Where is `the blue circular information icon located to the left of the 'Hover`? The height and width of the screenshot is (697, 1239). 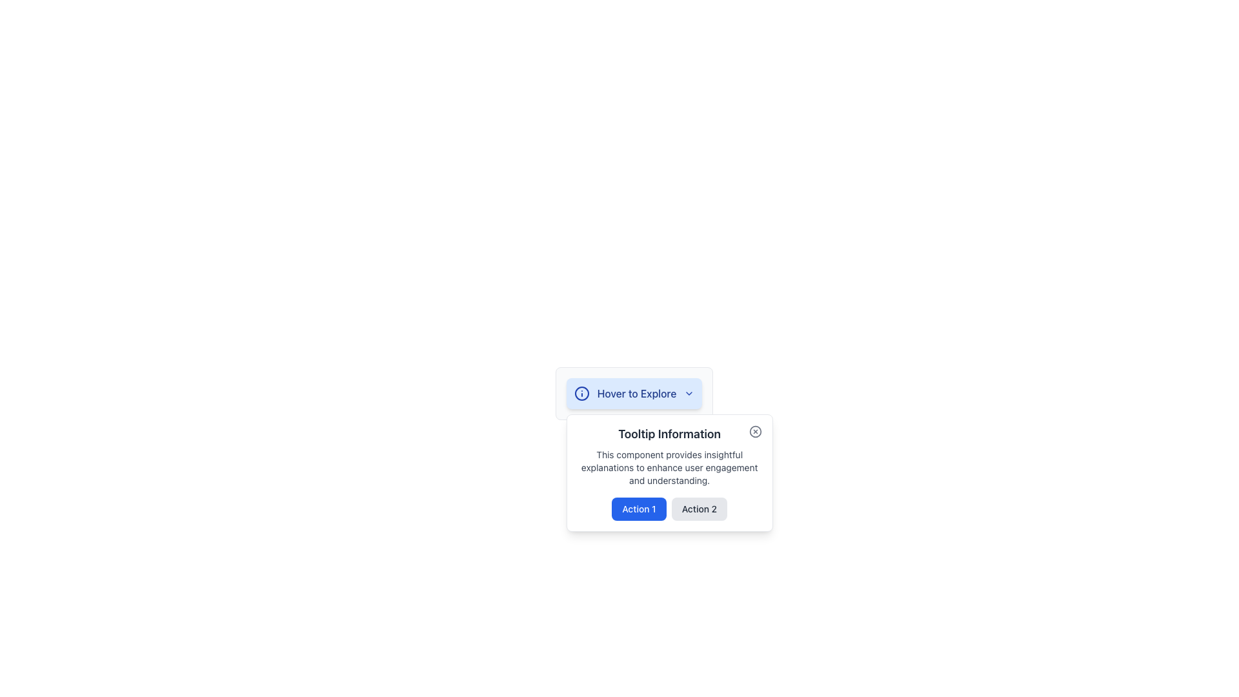 the blue circular information icon located to the left of the 'Hover is located at coordinates (581, 392).